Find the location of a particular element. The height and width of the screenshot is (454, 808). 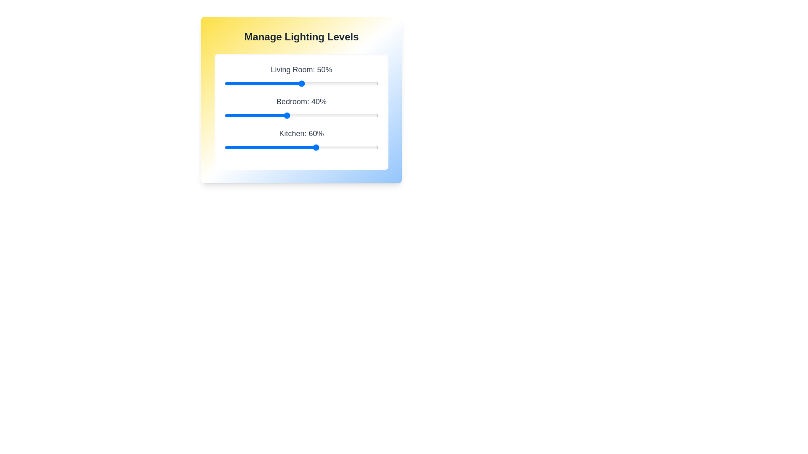

the Bedroom lighting slider to 70% is located at coordinates (332, 115).